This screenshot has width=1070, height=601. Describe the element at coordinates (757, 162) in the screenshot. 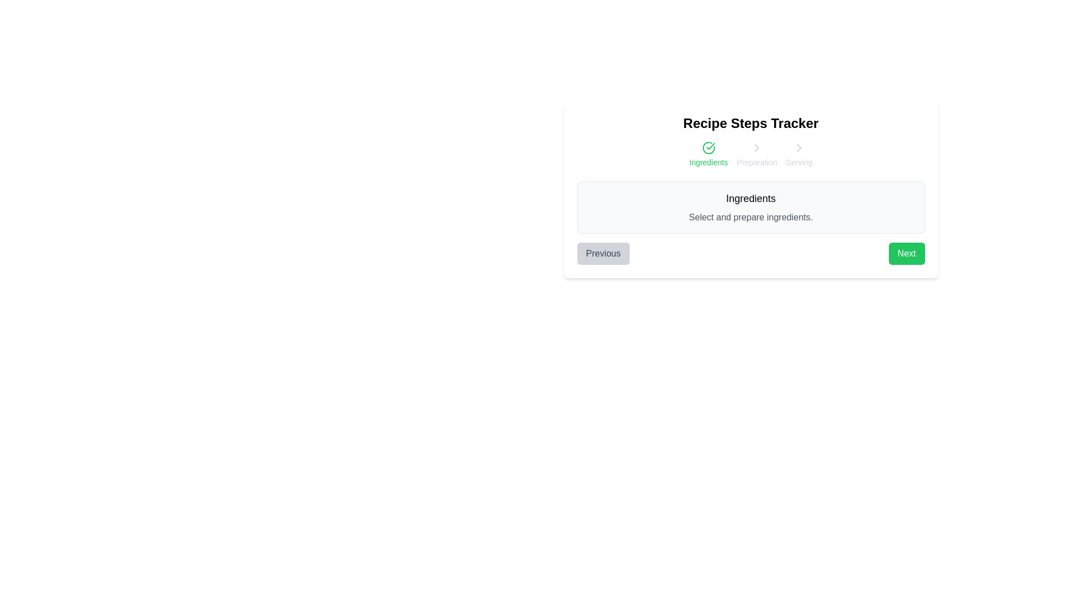

I see `the 'Preparation' step text label in the step navigation bar, which indicates the current task in the recipe preparation process` at that location.